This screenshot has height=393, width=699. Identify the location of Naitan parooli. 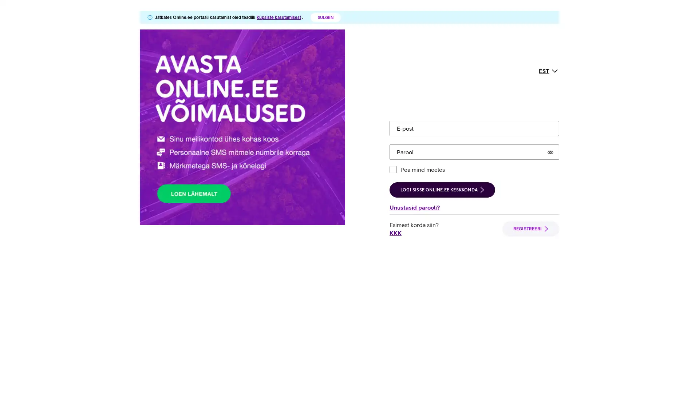
(550, 84).